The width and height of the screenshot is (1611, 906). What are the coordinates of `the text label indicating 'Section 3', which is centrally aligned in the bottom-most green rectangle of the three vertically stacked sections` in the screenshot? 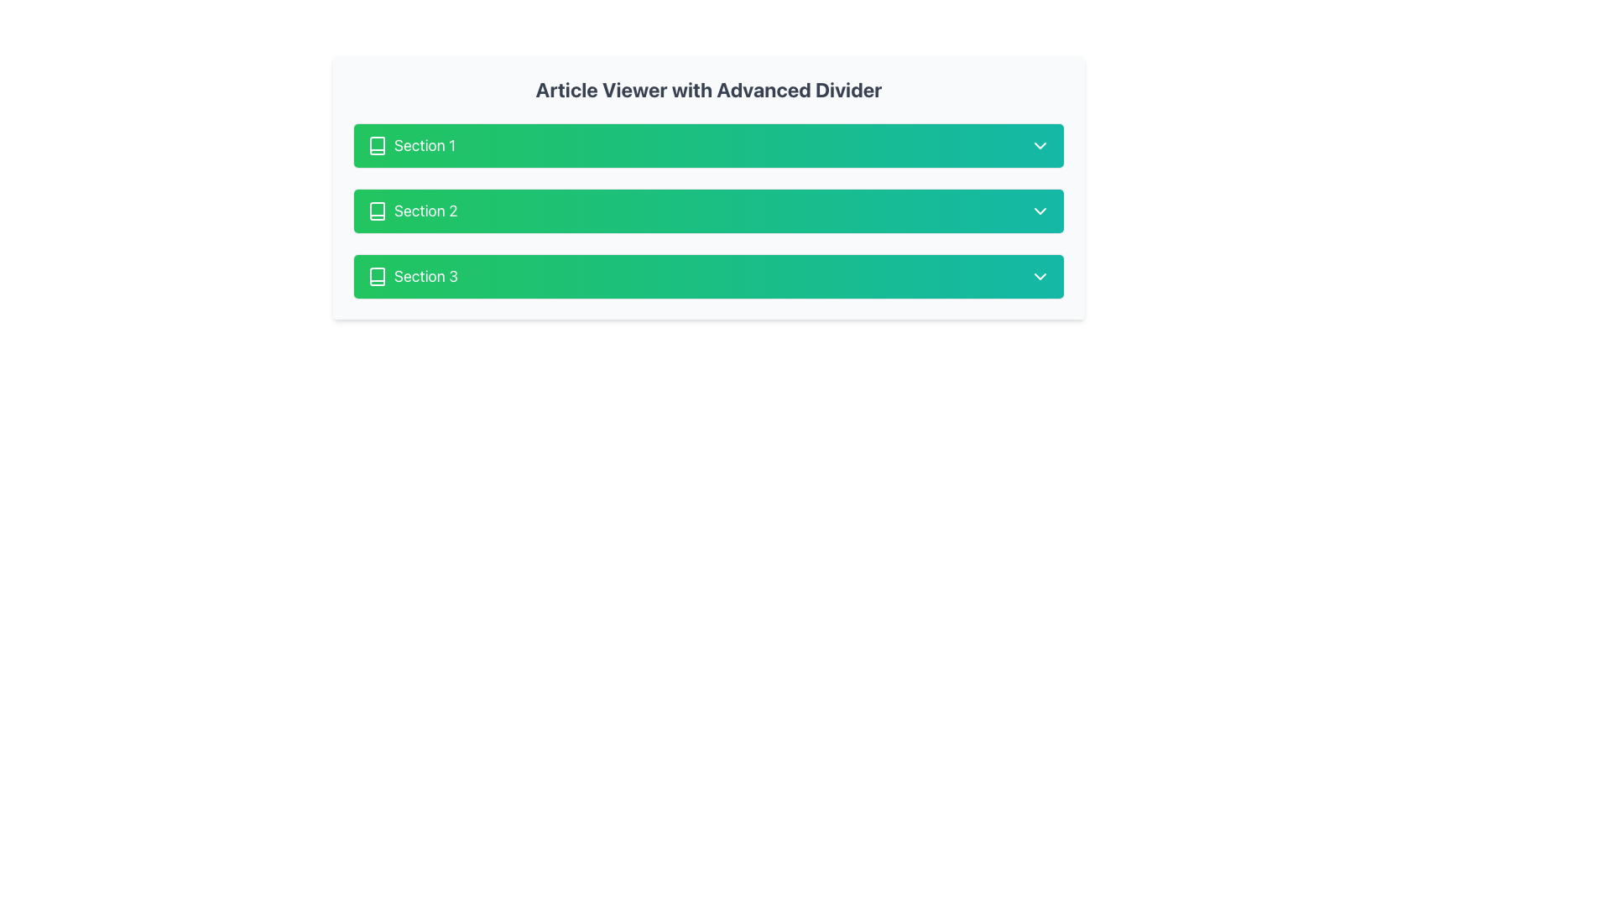 It's located at (426, 276).